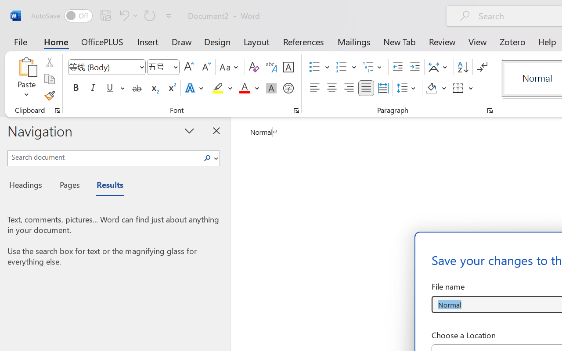  What do you see at coordinates (288, 88) in the screenshot?
I see `'Enclose Characters...'` at bounding box center [288, 88].